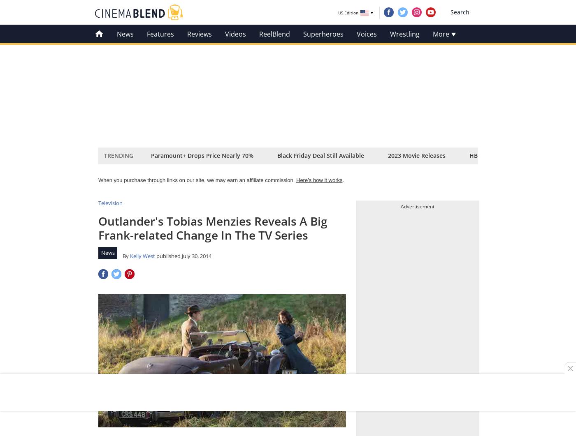  I want to click on 'published', so click(168, 255).